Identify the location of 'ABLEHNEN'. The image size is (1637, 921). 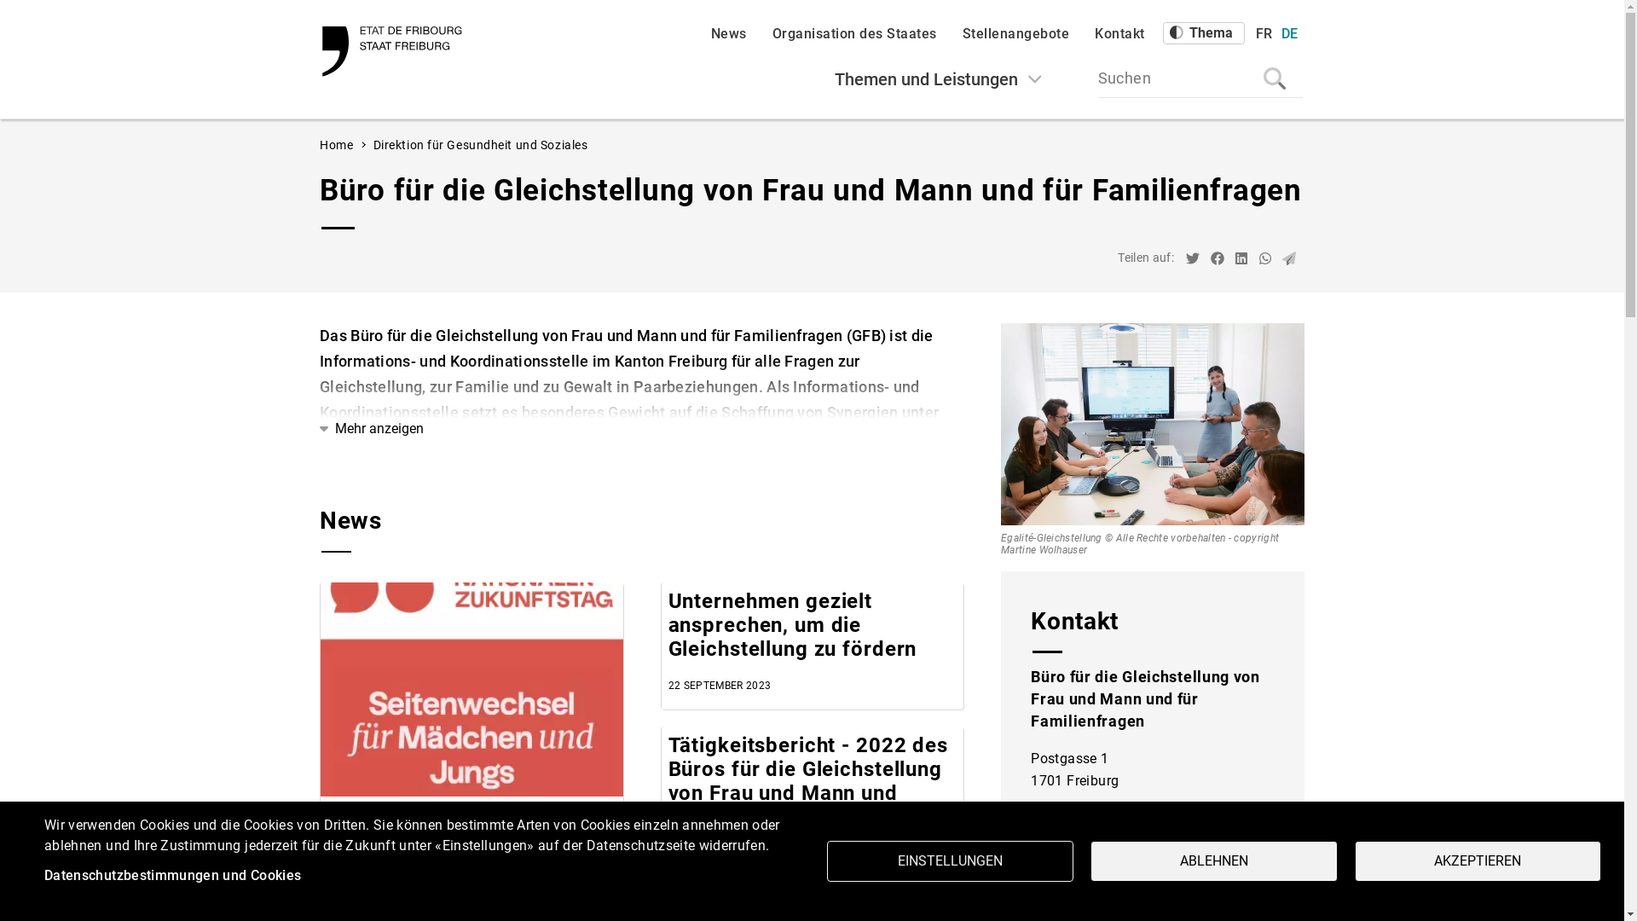
(1089, 861).